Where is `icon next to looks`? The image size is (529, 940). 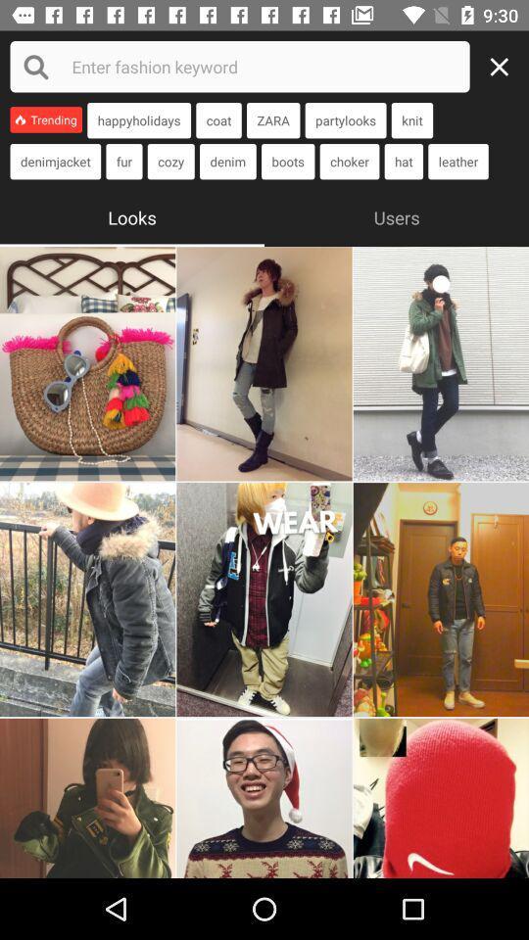 icon next to looks is located at coordinates (397, 215).